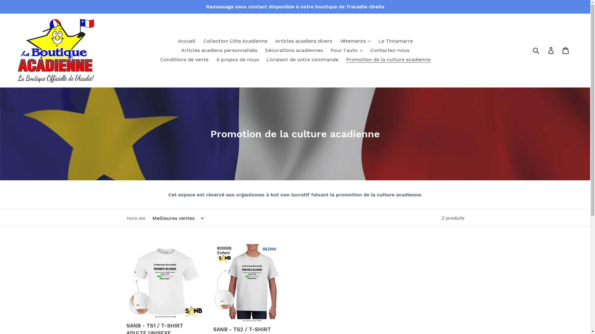  Describe the element at coordinates (302, 59) in the screenshot. I see `'Livraison de votre commande'` at that location.